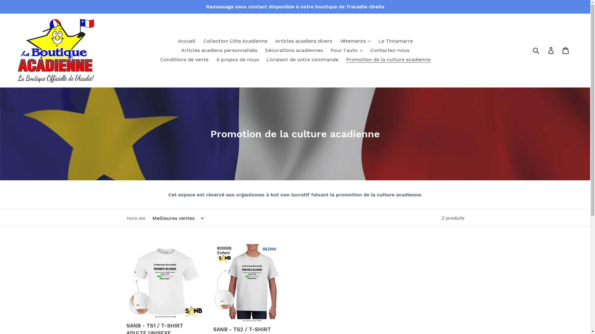  Describe the element at coordinates (302, 59) in the screenshot. I see `'Livraison de votre commande'` at that location.